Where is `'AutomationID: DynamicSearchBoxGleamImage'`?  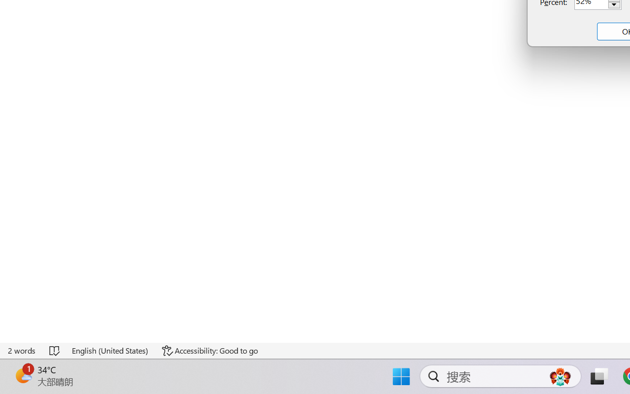 'AutomationID: DynamicSearchBoxGleamImage' is located at coordinates (560, 376).